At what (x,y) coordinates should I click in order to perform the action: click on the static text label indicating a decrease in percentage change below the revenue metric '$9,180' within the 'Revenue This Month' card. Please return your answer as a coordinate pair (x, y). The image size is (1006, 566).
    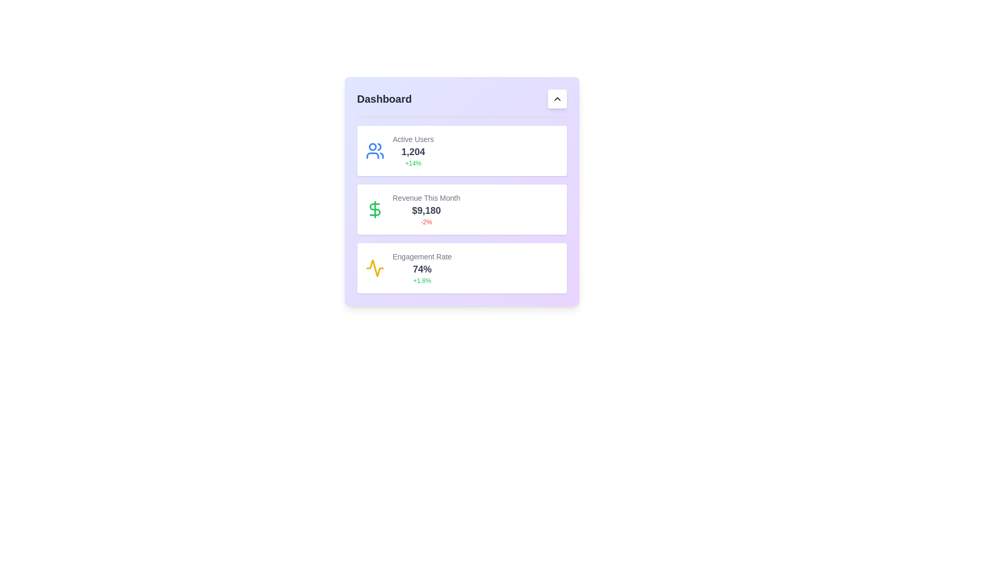
    Looking at the image, I should click on (426, 222).